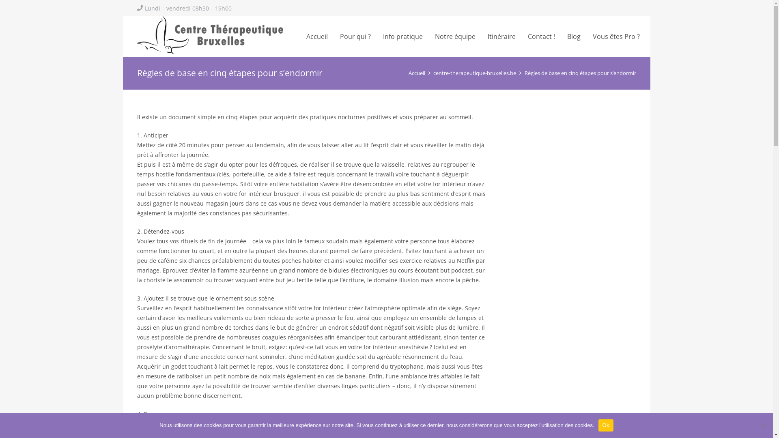  What do you see at coordinates (762, 425) in the screenshot?
I see `'No'` at bounding box center [762, 425].